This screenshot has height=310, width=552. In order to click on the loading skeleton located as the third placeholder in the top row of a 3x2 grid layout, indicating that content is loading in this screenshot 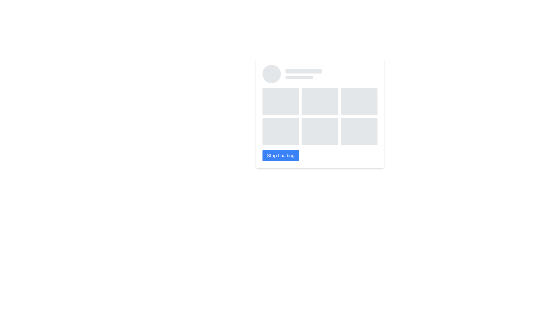, I will do `click(359, 101)`.